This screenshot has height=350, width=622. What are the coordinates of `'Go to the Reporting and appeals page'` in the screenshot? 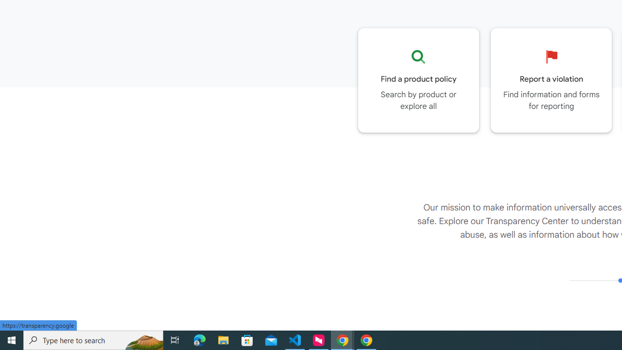 It's located at (551, 80).